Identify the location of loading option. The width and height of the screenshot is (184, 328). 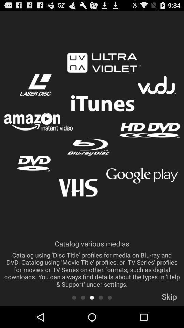
(92, 297).